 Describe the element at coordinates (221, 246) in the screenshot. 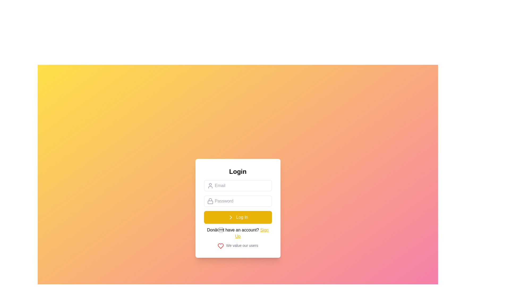

I see `the heart icon, which is positioned to the left in a row of three elements, adjacent to the text 'We value our users'` at that location.